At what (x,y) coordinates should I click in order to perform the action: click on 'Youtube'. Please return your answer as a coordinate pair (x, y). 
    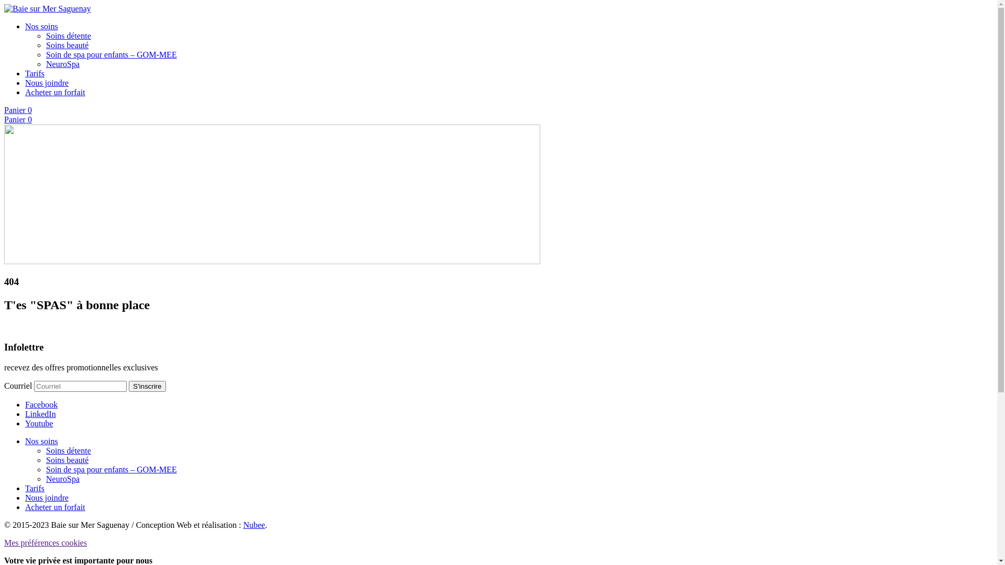
    Looking at the image, I should click on (39, 423).